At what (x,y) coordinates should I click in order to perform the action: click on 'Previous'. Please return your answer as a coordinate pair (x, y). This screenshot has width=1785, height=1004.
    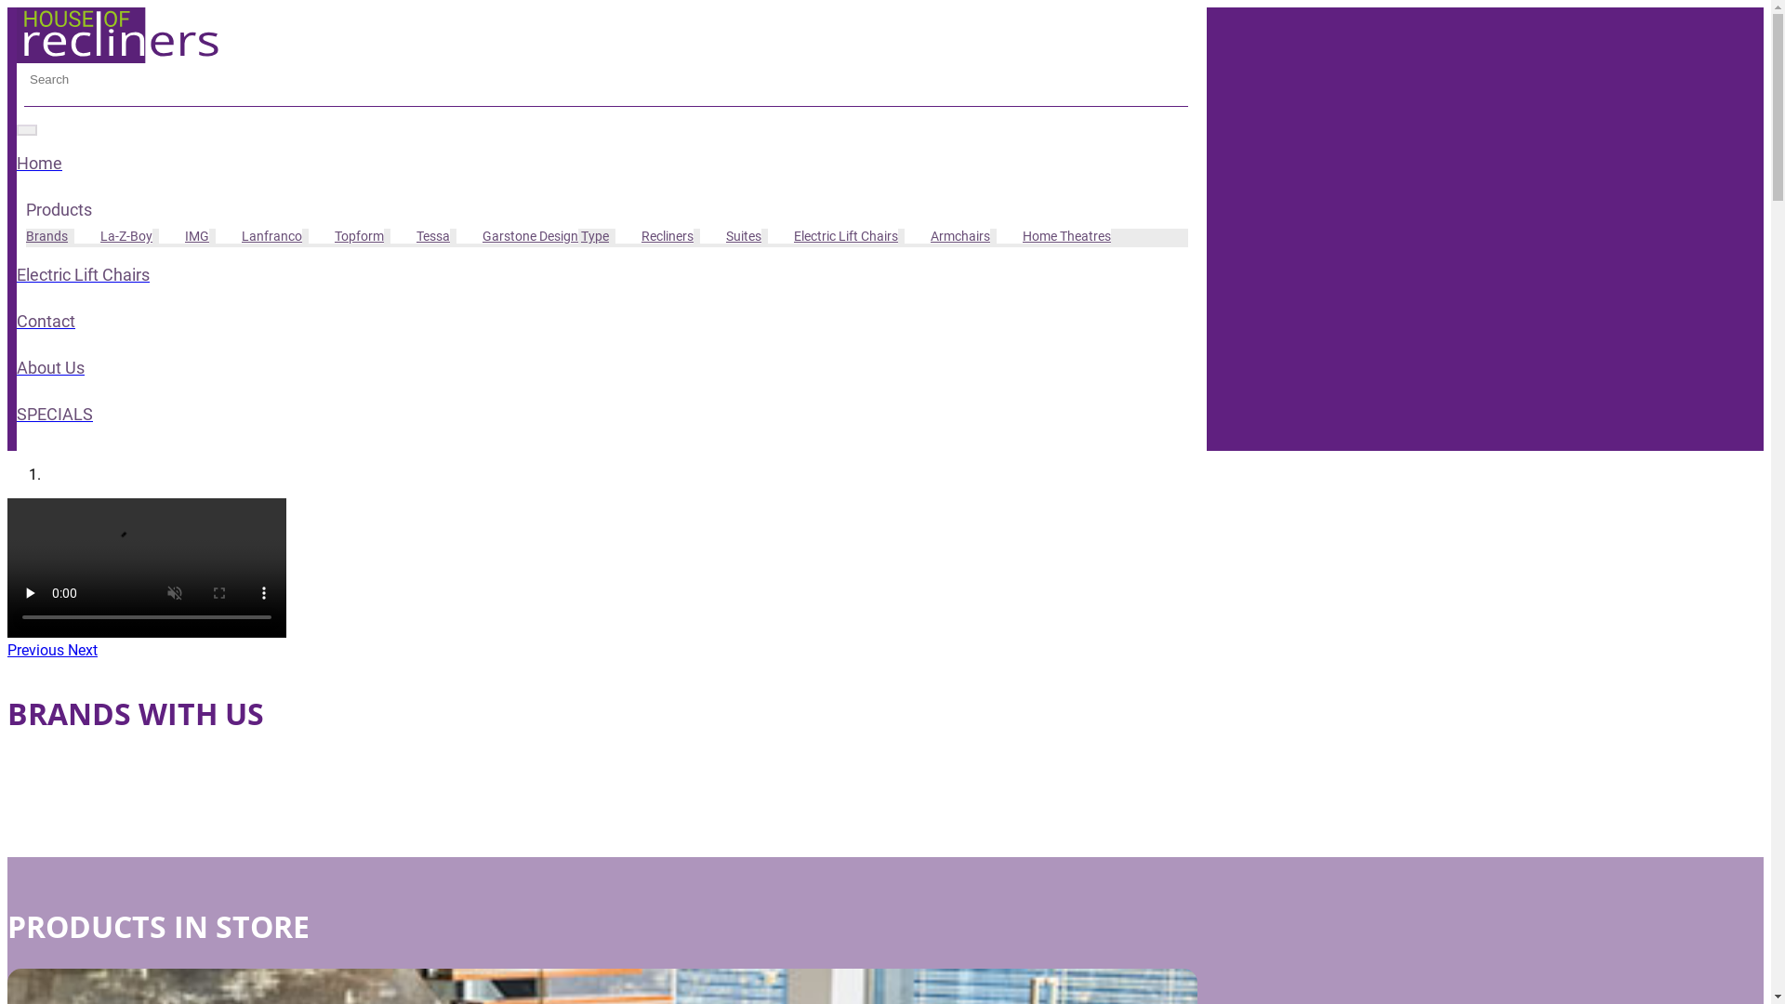
    Looking at the image, I should click on (37, 649).